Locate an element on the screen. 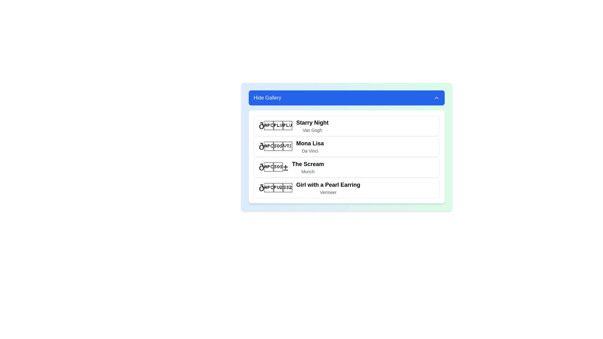  the clickable list item displaying the surprised emoji, titled 'The Scream' with subtitle 'Munch', located in a vertical list within a light-colored card is located at coordinates (346, 167).